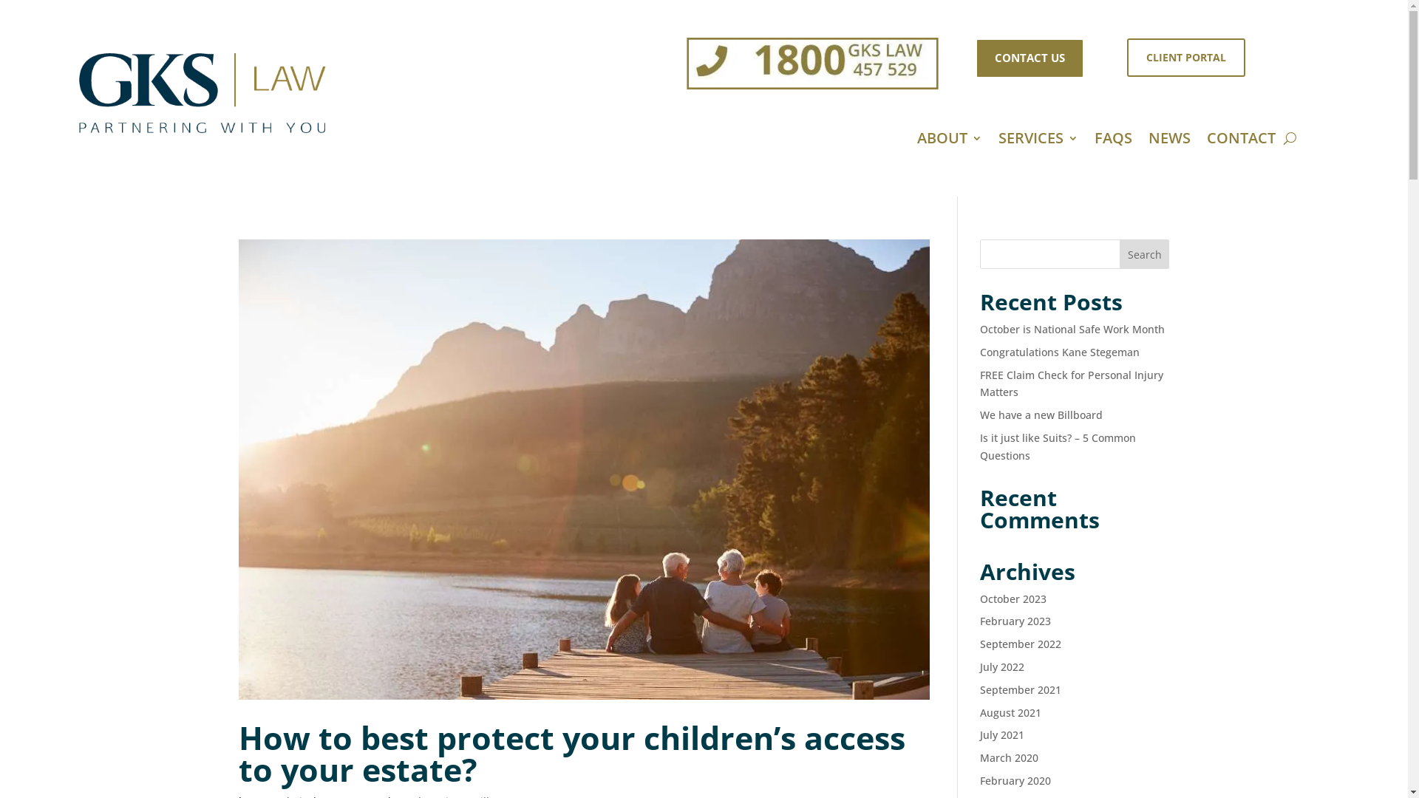  What do you see at coordinates (1072, 328) in the screenshot?
I see `'October is National Safe Work Month'` at bounding box center [1072, 328].